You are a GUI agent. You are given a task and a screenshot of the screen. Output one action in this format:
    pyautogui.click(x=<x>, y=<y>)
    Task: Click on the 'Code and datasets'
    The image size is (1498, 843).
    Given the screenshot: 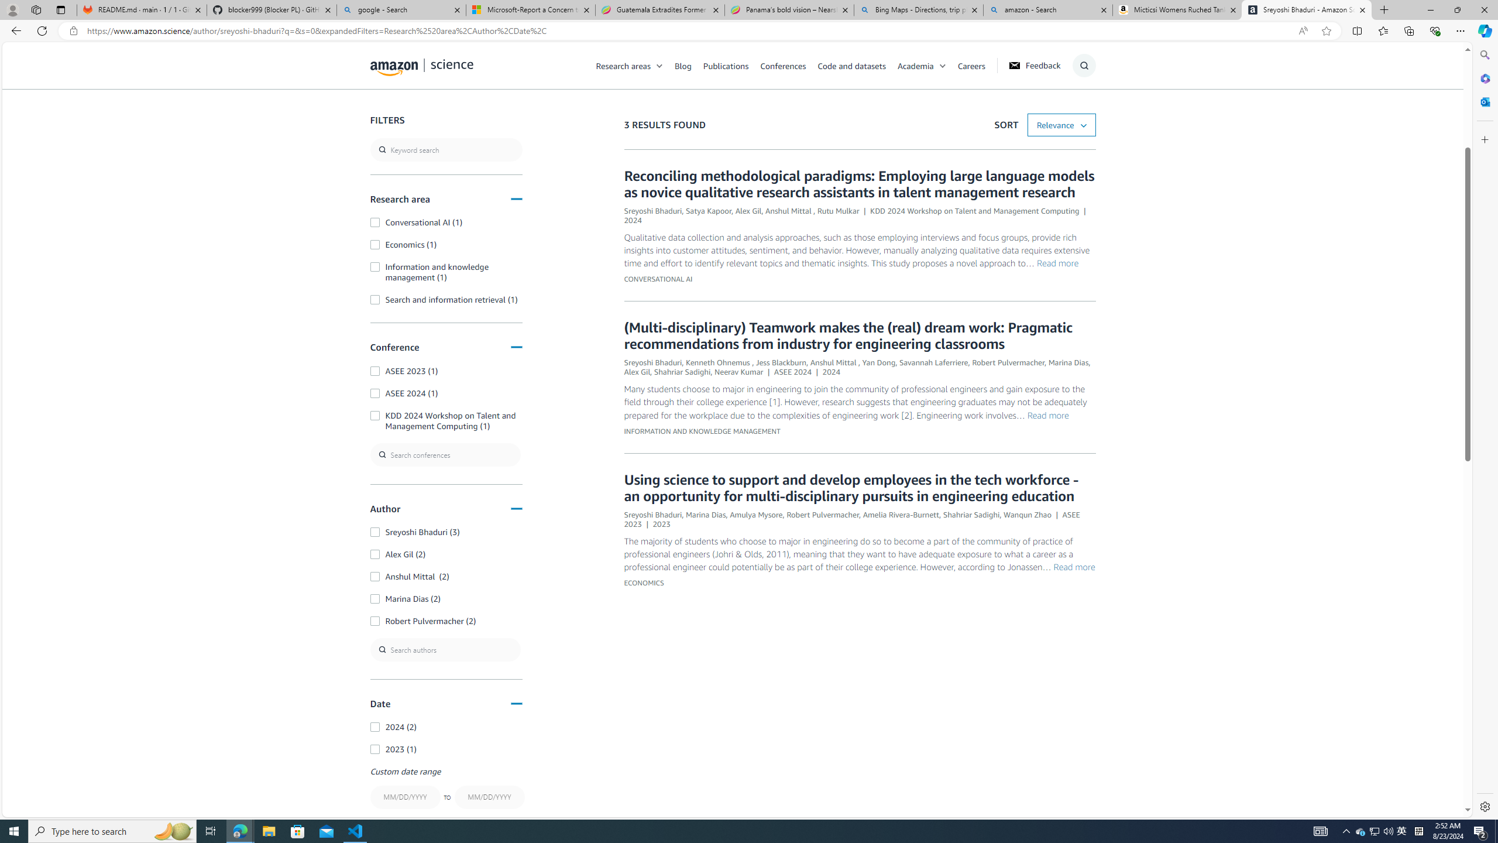 What is the action you would take?
    pyautogui.click(x=851, y=65)
    